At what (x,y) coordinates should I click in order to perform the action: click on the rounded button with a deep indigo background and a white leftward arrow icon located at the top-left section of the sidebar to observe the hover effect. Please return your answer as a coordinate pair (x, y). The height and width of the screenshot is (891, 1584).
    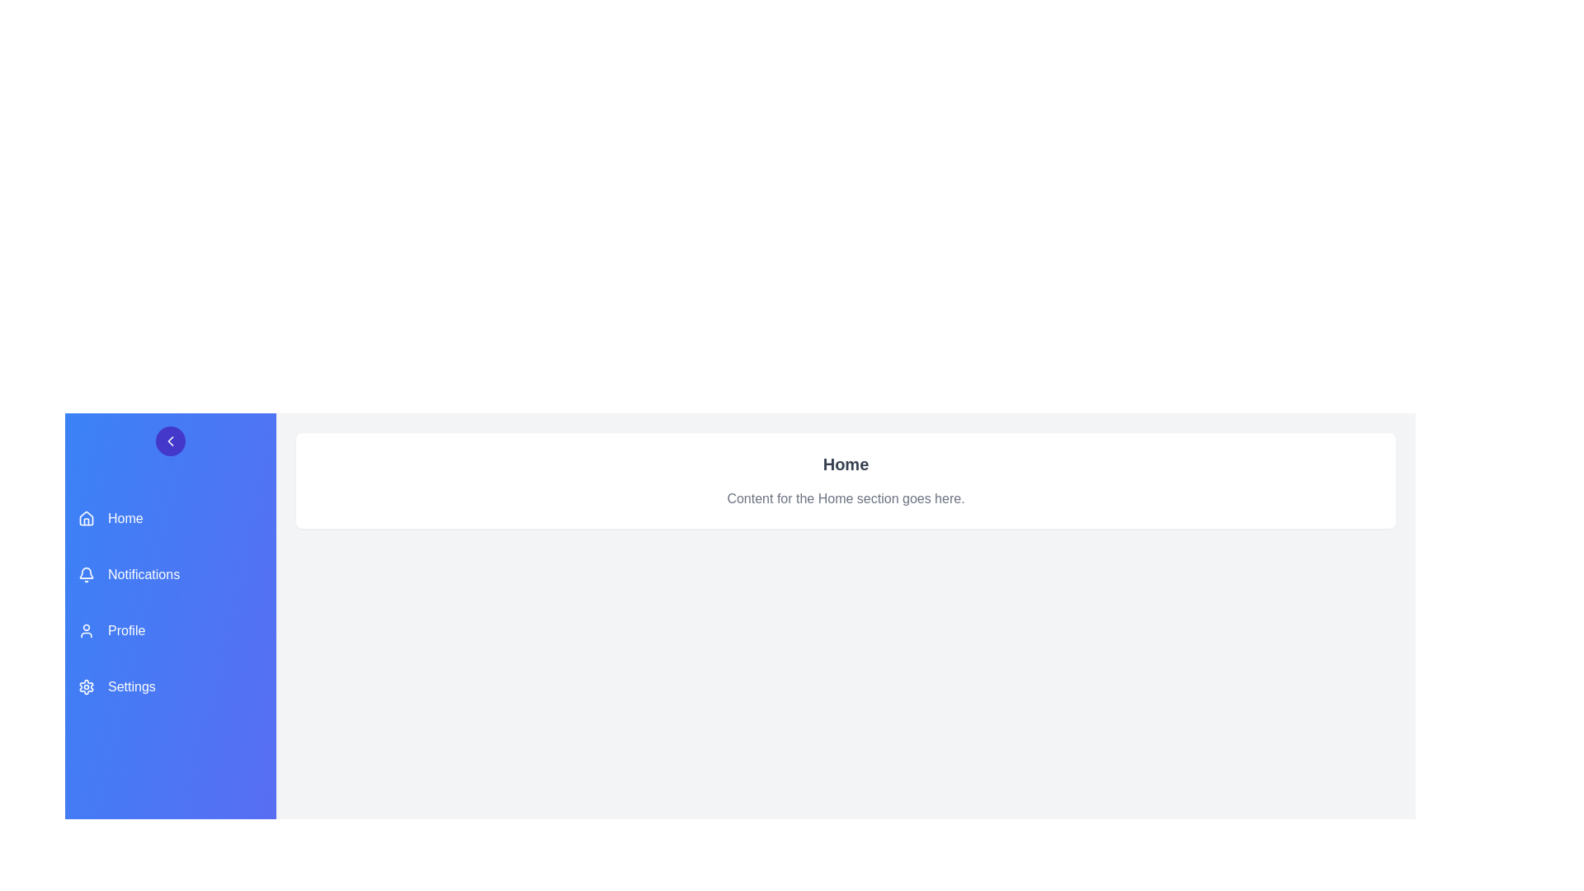
    Looking at the image, I should click on (170, 441).